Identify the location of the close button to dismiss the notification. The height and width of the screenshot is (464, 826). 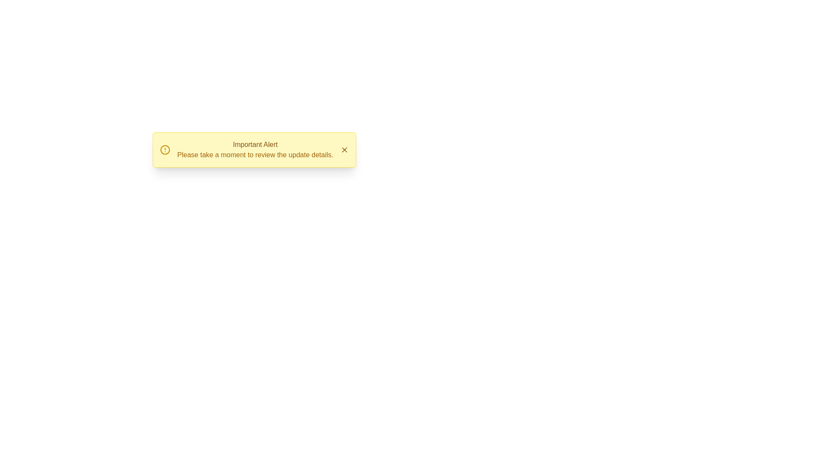
(345, 149).